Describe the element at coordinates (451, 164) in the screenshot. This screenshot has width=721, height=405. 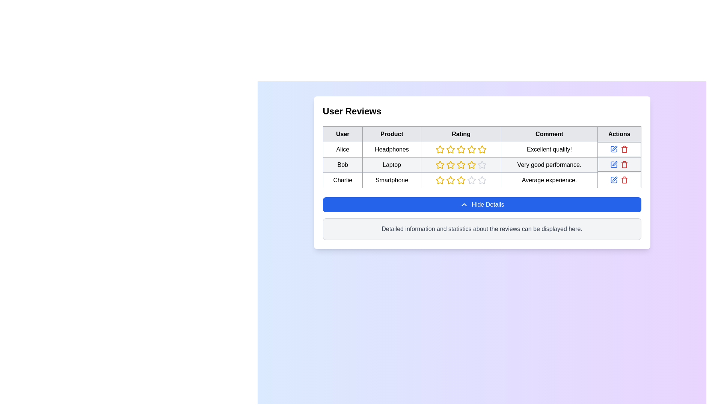
I see `the fourth star icon in the Rating column for the user review of 'Bob' regarding the 'Laptop' product to interact with the rating system` at that location.